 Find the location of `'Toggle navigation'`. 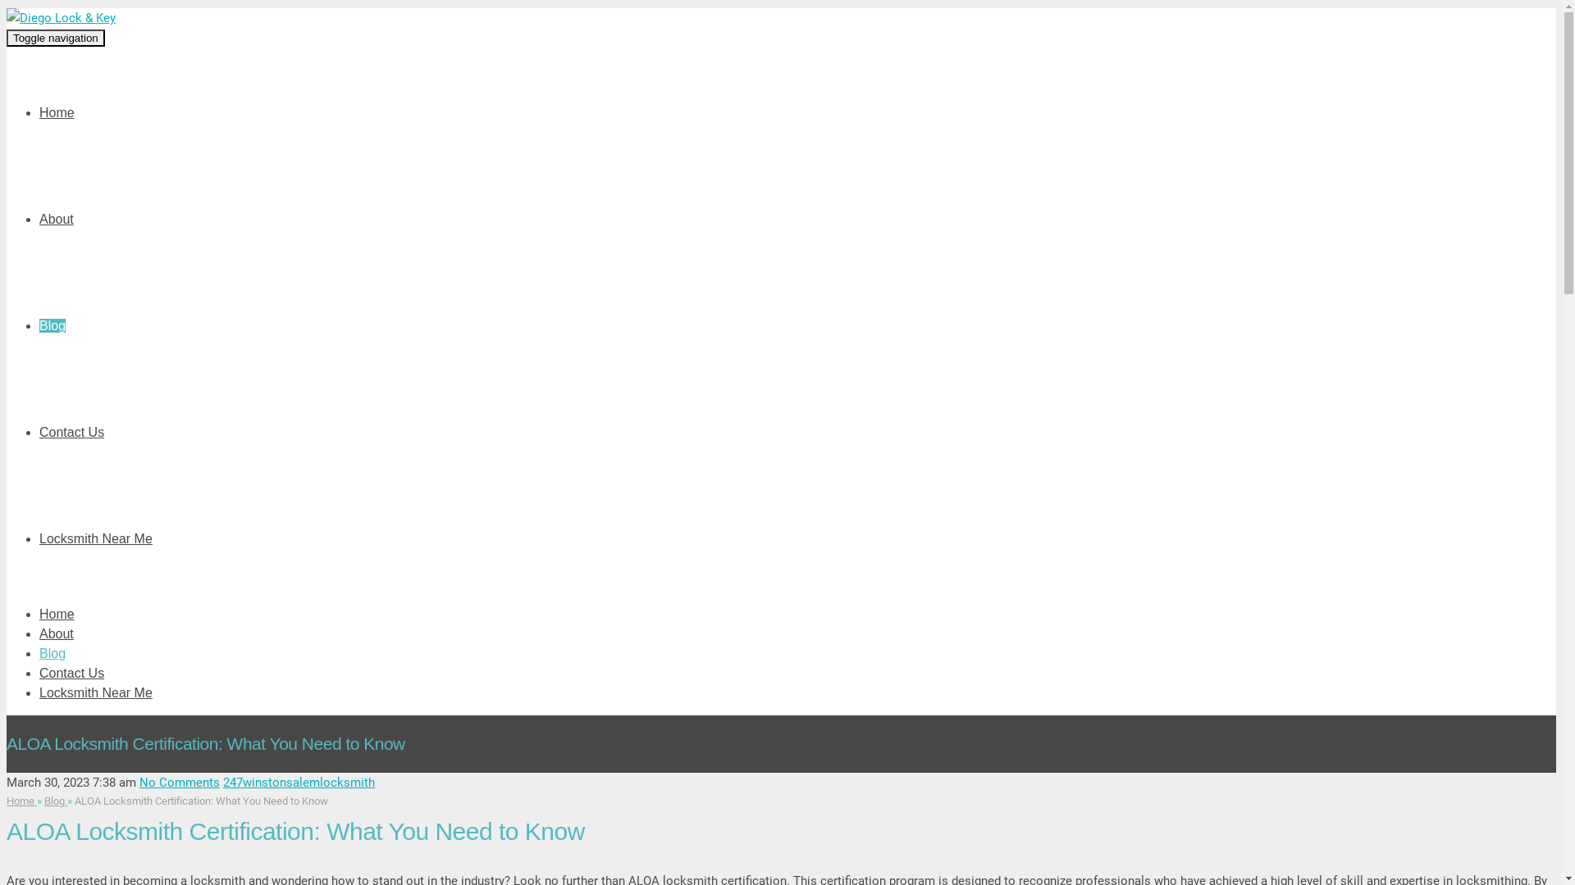

'Toggle navigation' is located at coordinates (55, 37).